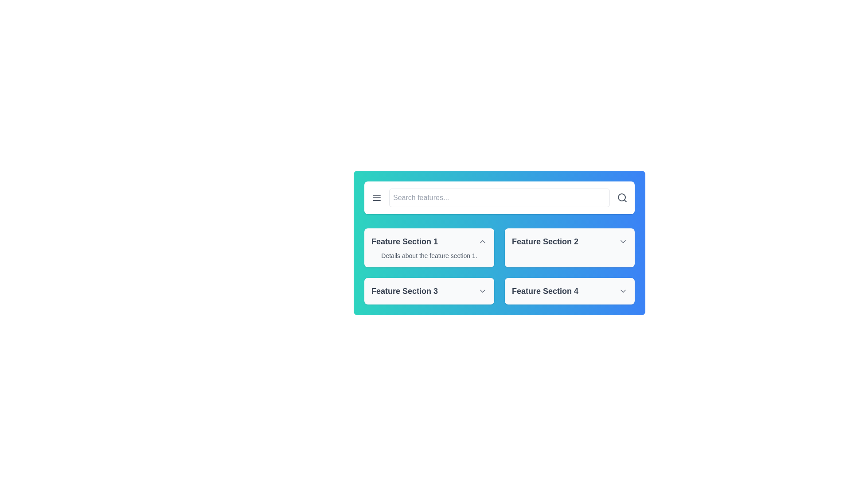  What do you see at coordinates (623, 291) in the screenshot?
I see `the downward-facing chevron icon located on the far-right side of 'Feature Section 4'` at bounding box center [623, 291].